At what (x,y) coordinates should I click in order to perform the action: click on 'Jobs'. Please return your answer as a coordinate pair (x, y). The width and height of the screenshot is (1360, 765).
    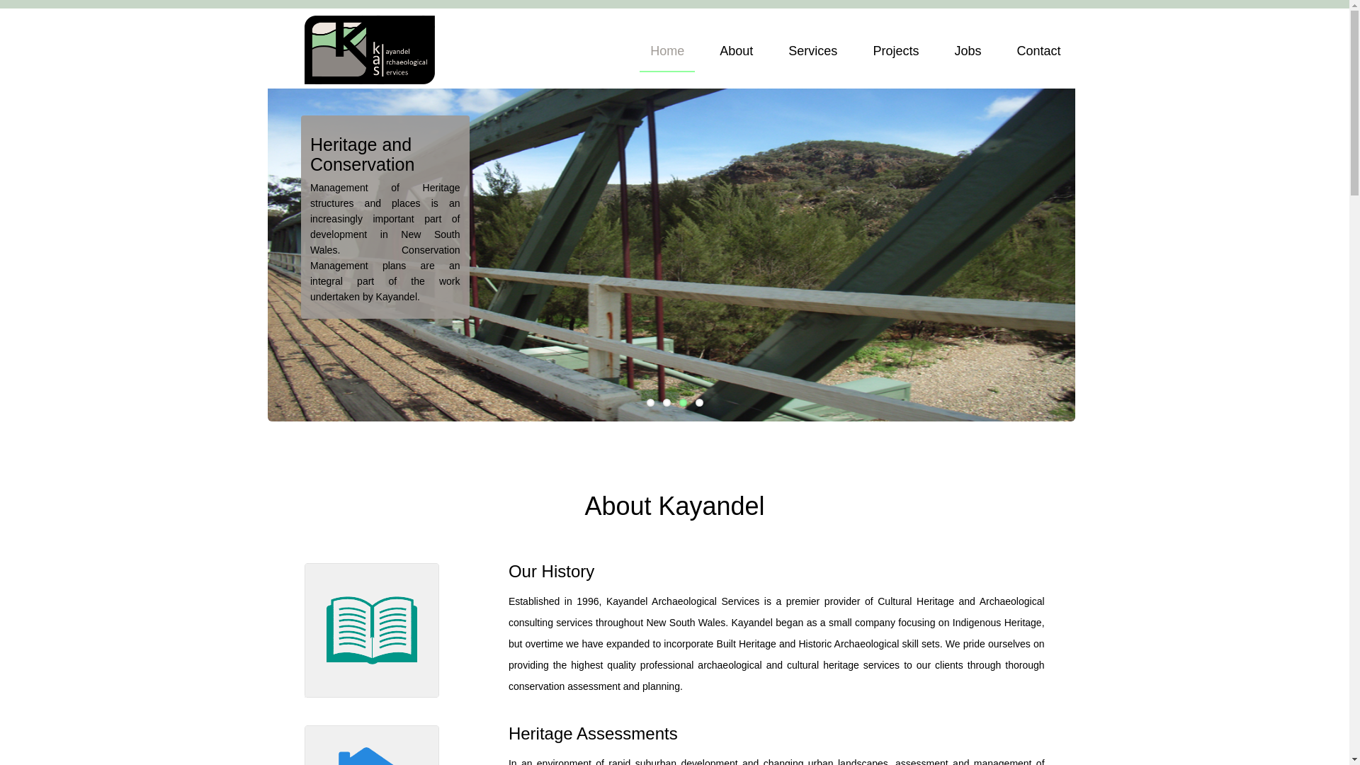
    Looking at the image, I should click on (967, 54).